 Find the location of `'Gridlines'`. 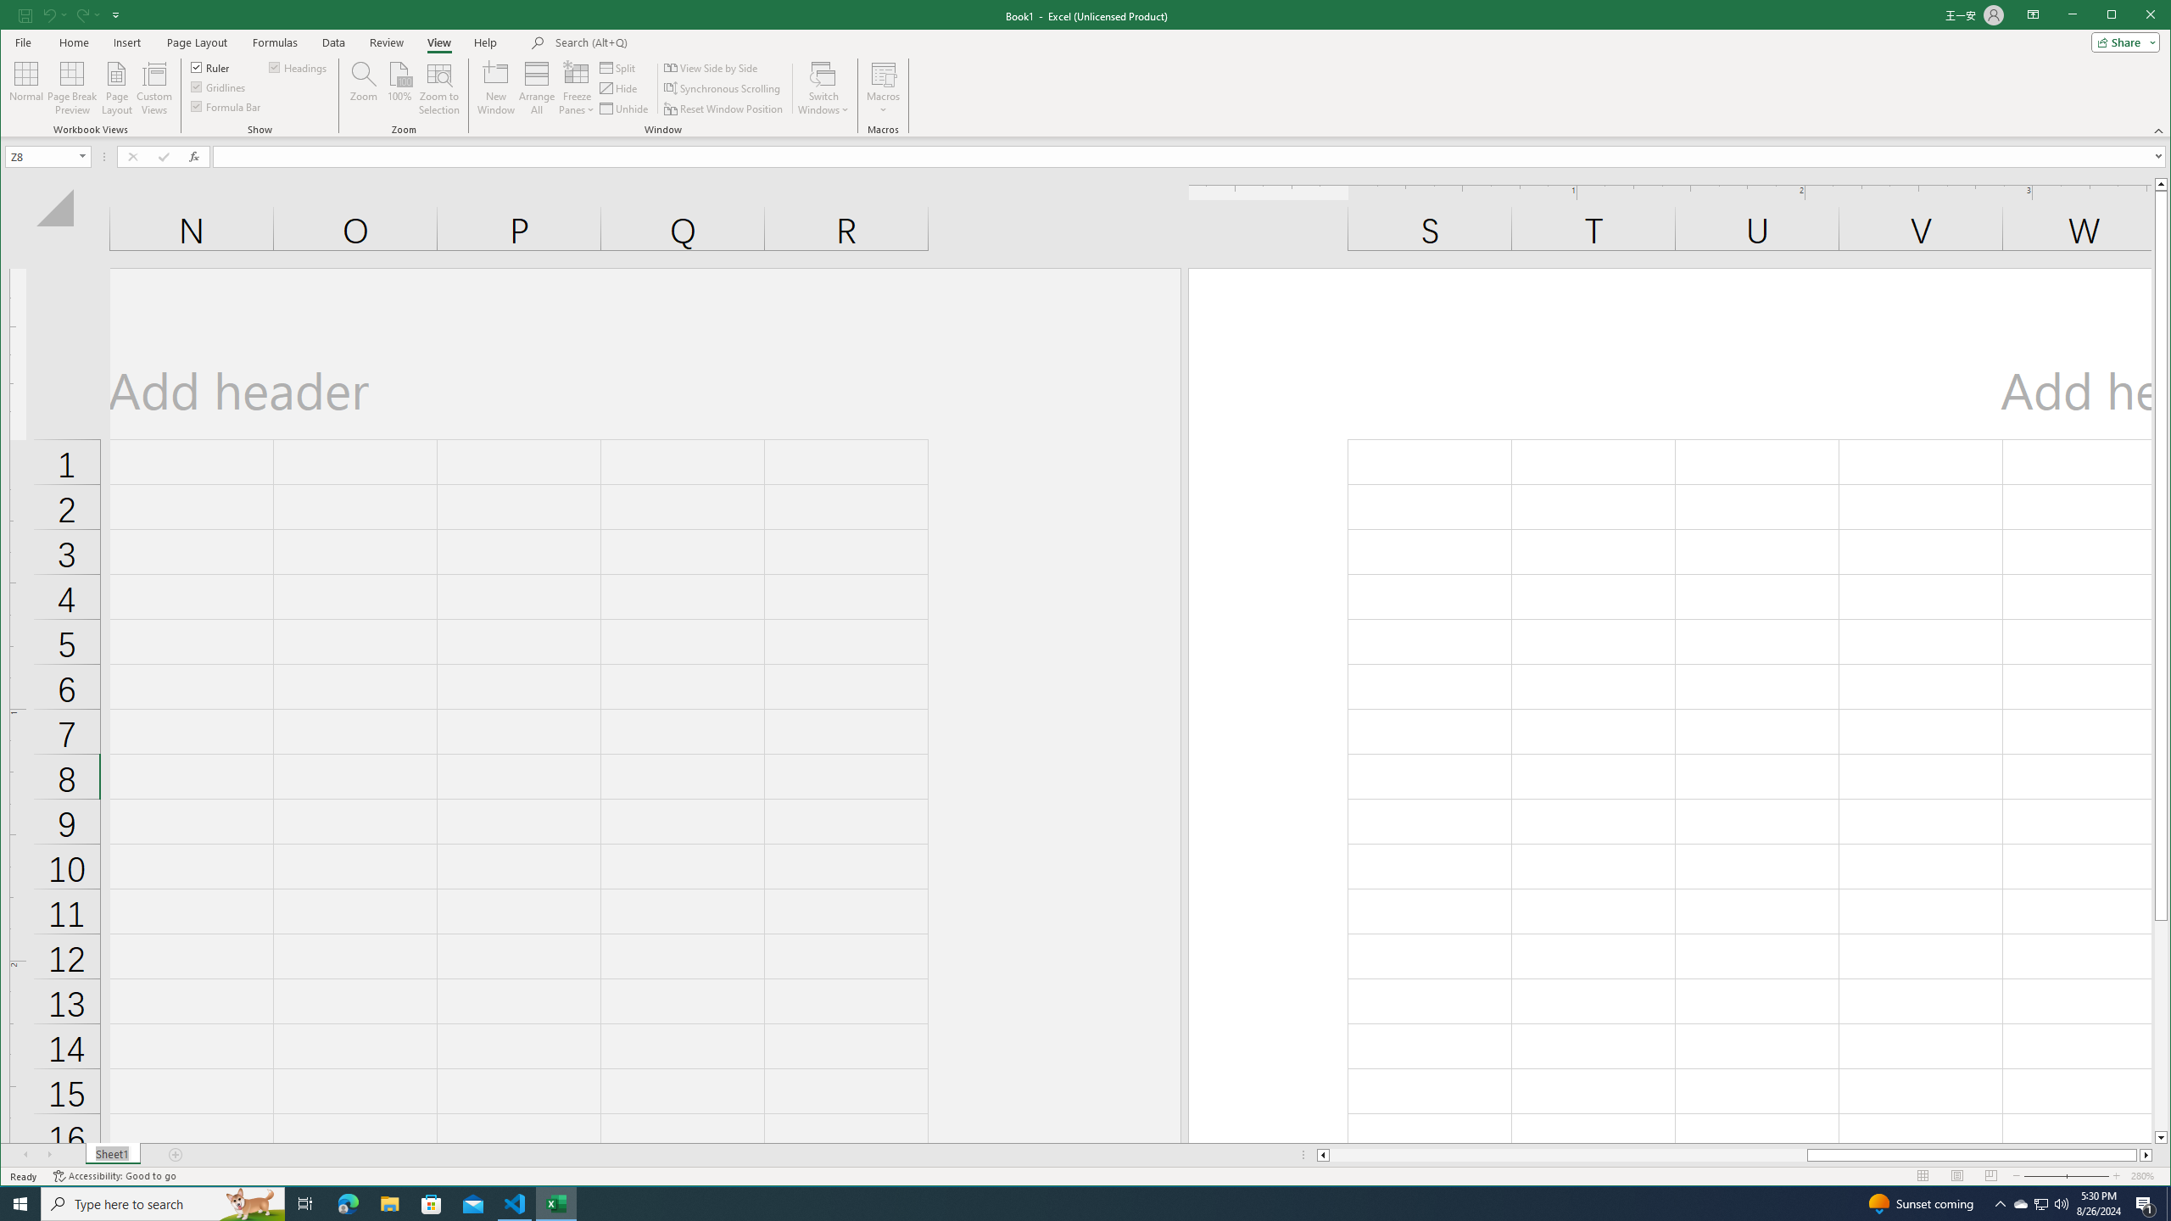

'Gridlines' is located at coordinates (219, 86).